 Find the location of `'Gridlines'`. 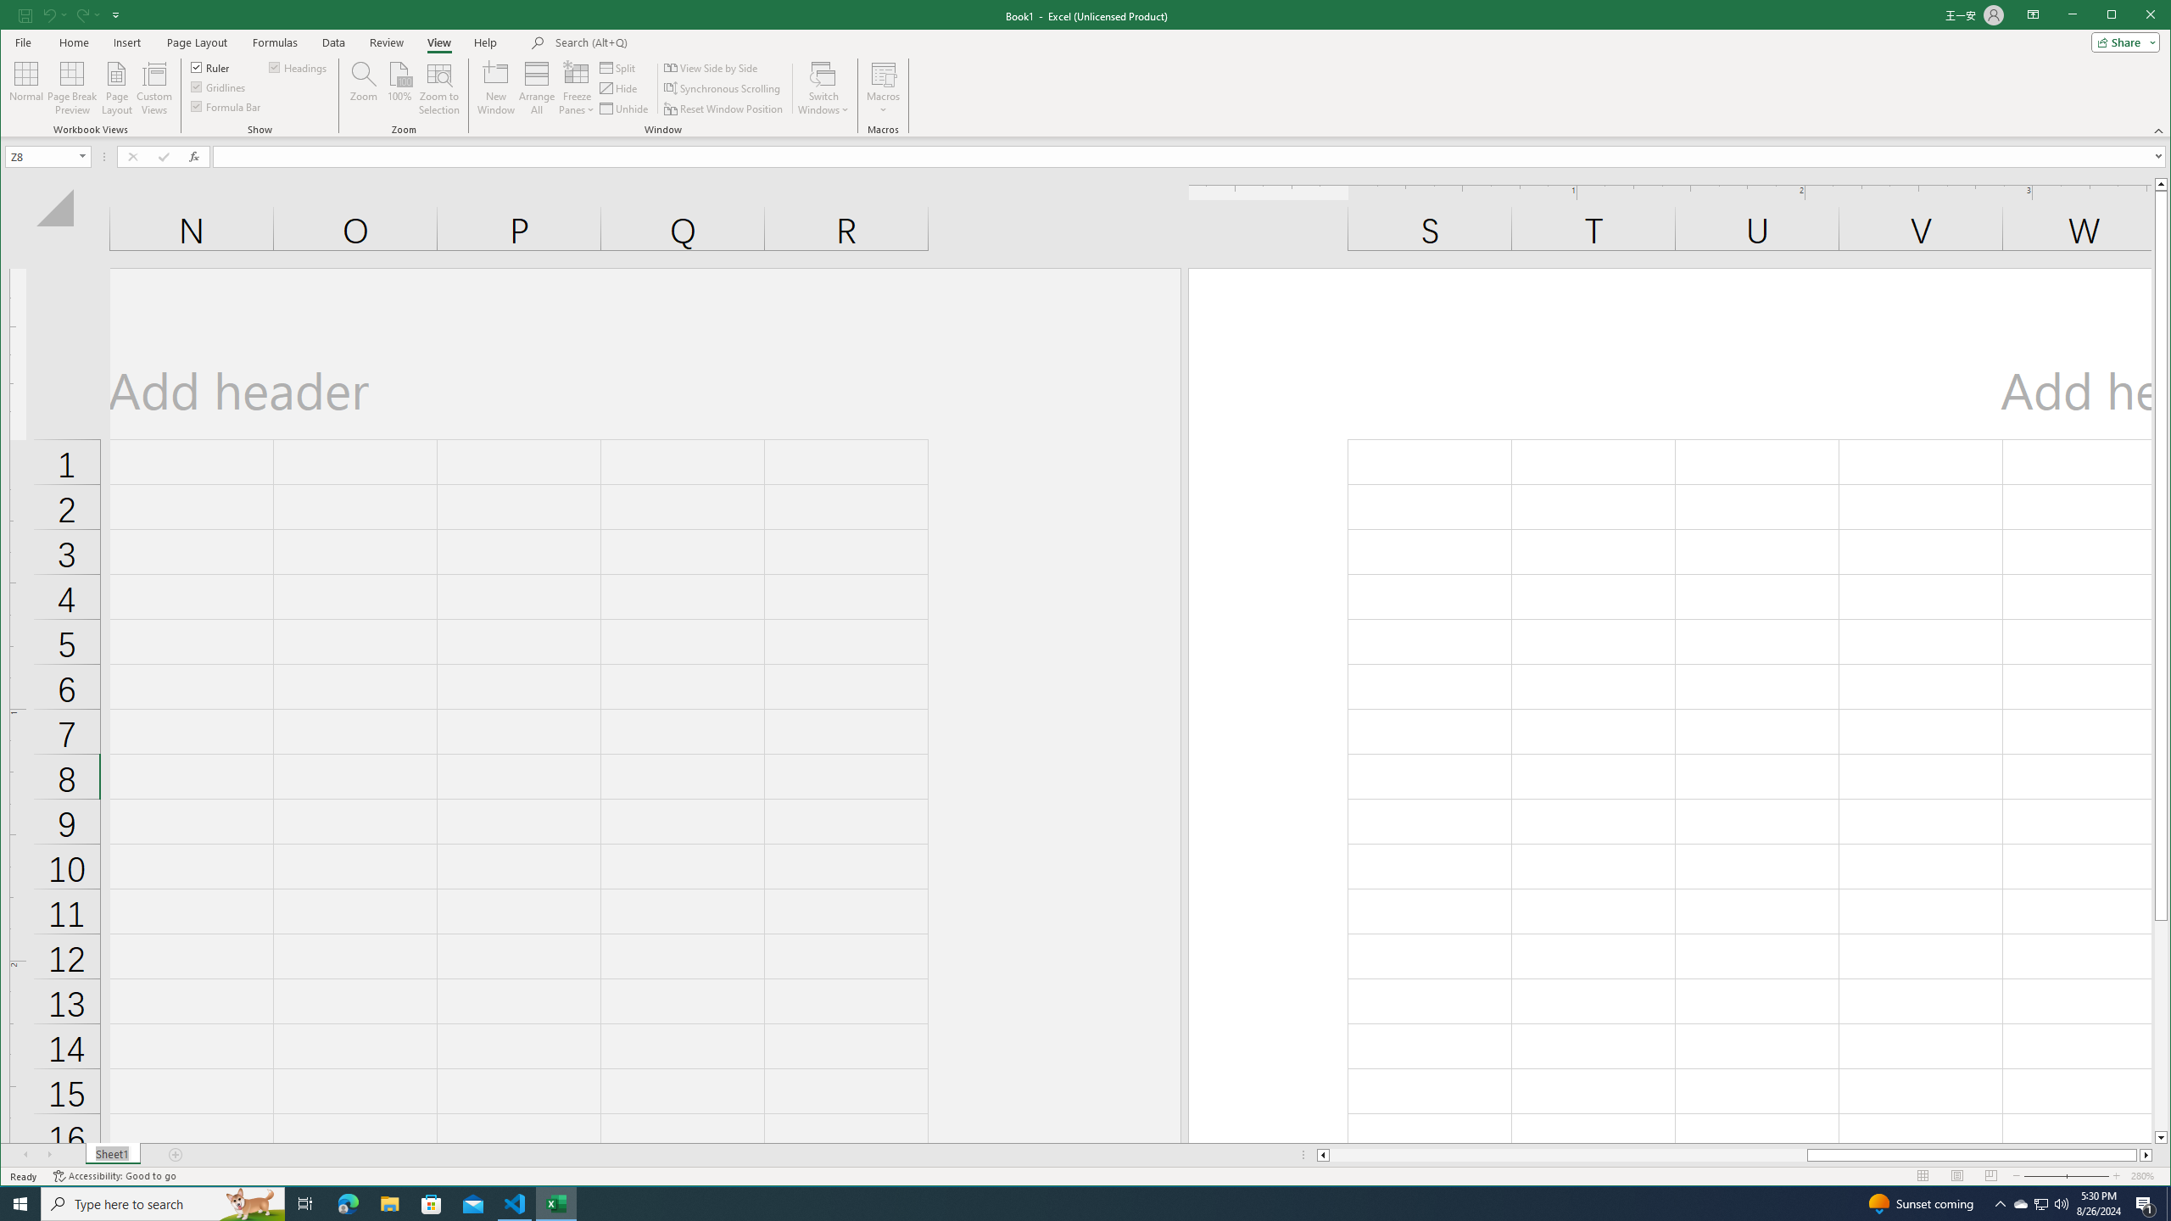

'Gridlines' is located at coordinates (219, 86).